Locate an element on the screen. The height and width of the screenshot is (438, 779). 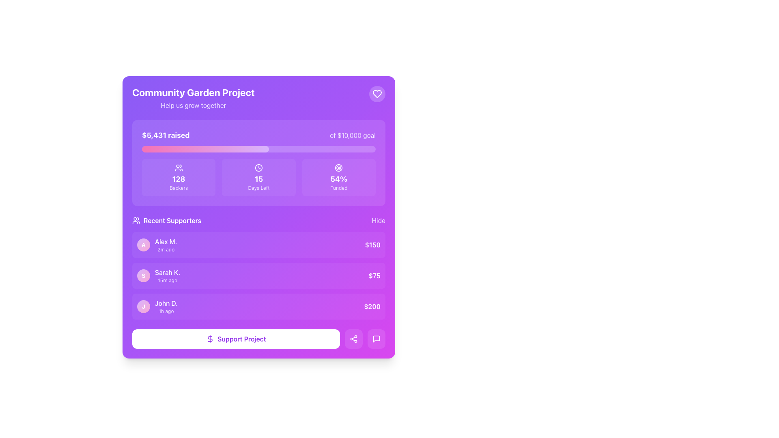
the text label displaying '54%' which is bold, white, and large, indicating high importance, located in the third position of a horizontally-aligned grid with a purple background is located at coordinates (339, 179).